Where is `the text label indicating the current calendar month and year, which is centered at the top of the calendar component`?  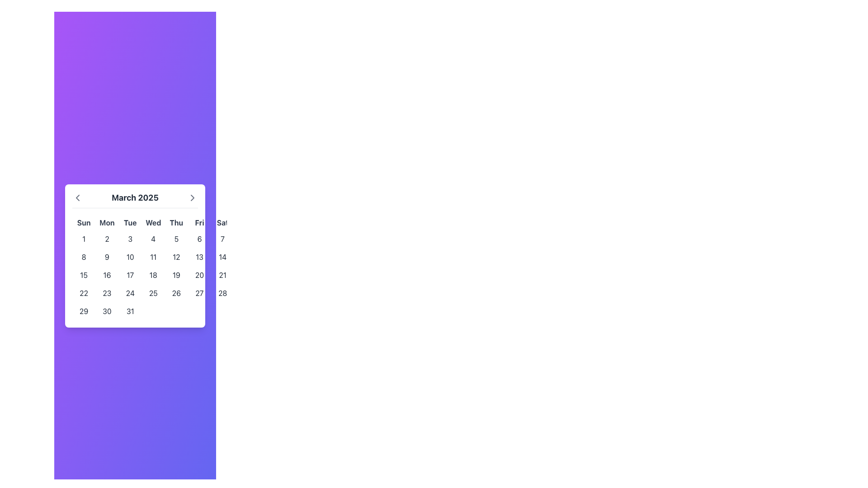
the text label indicating the current calendar month and year, which is centered at the top of the calendar component is located at coordinates (134, 199).